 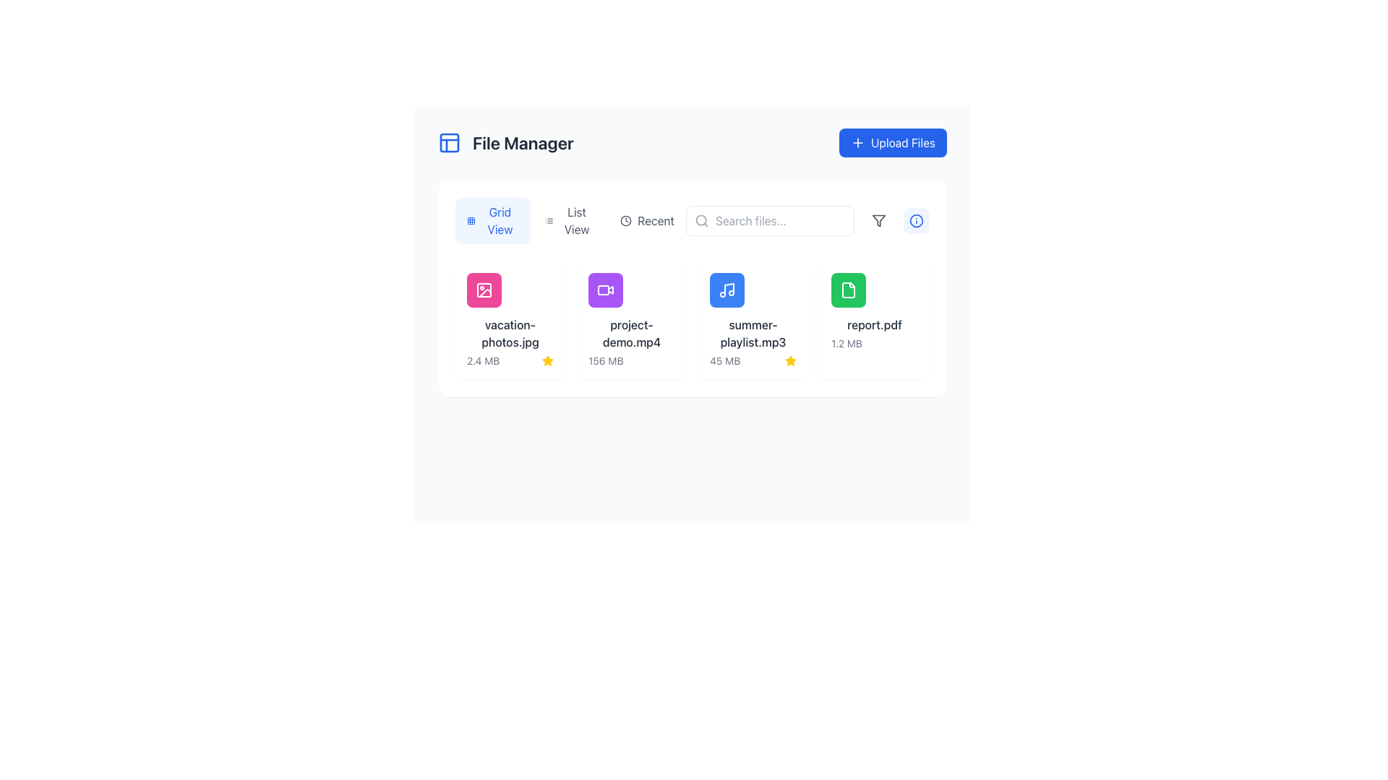 What do you see at coordinates (873, 358) in the screenshot?
I see `the share button on the interactive control panel located at the bottom of the 'report.pdf' file item in the grid display to share the file` at bounding box center [873, 358].